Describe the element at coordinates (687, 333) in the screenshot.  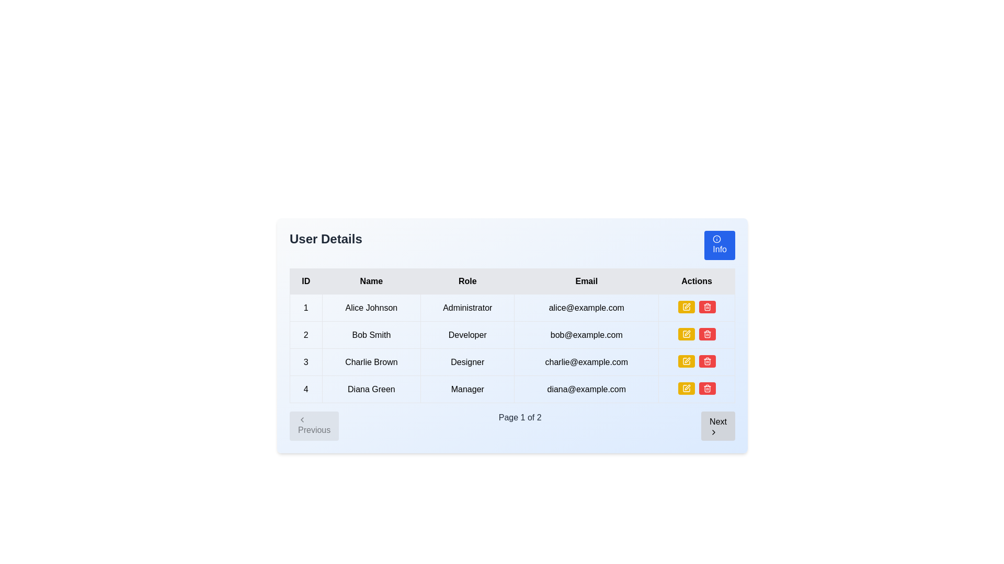
I see `the edit button in the 'Actions' column for the user 'Charlie Brown'` at that location.